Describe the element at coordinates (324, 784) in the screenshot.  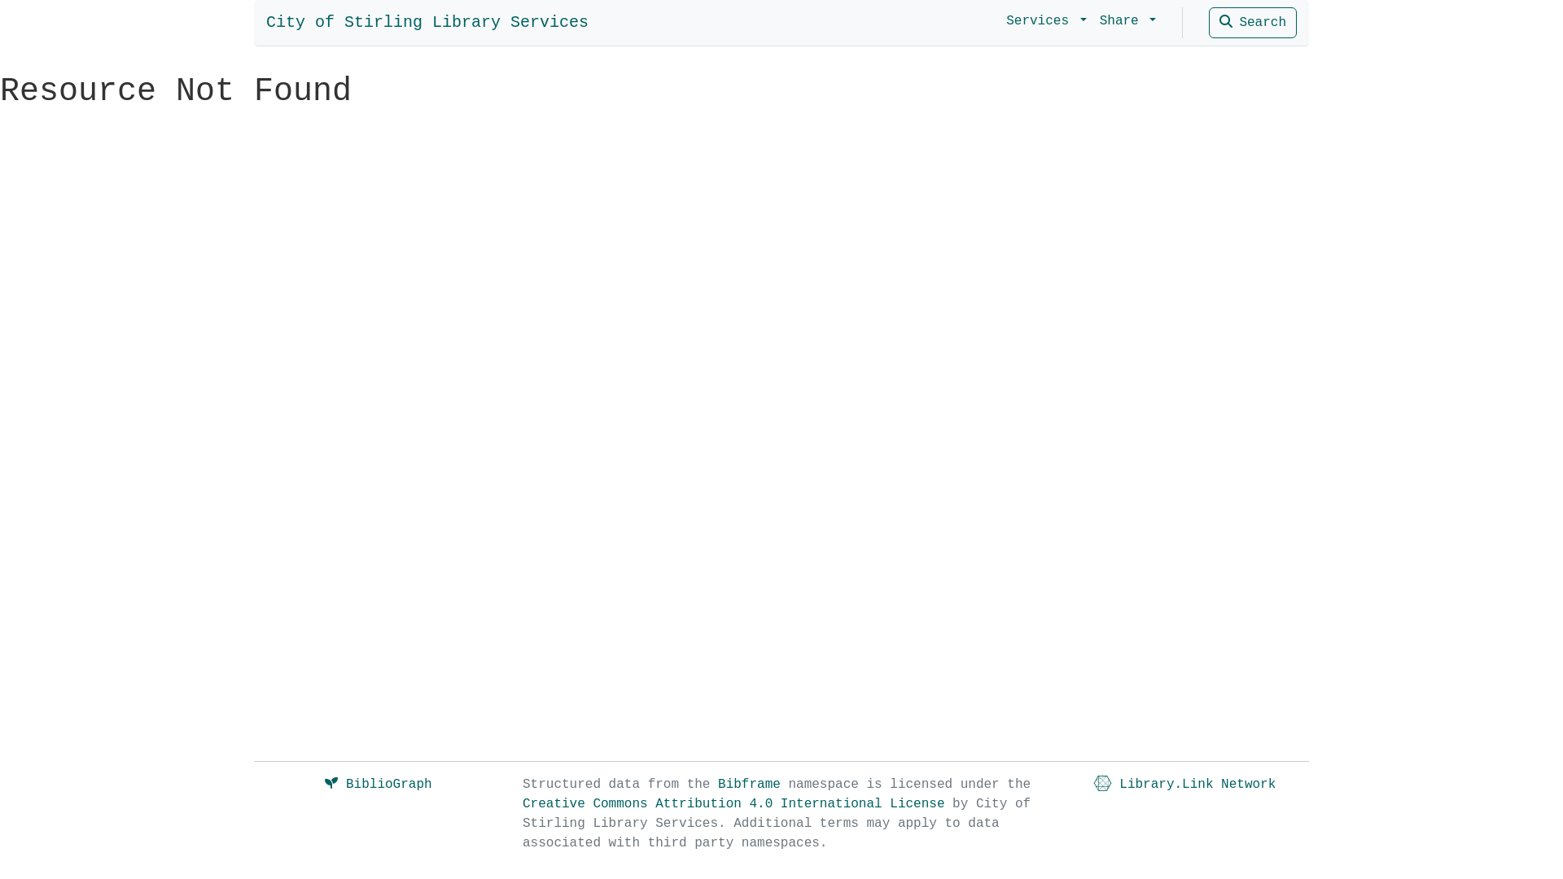
I see `'BiblioGraph'` at that location.